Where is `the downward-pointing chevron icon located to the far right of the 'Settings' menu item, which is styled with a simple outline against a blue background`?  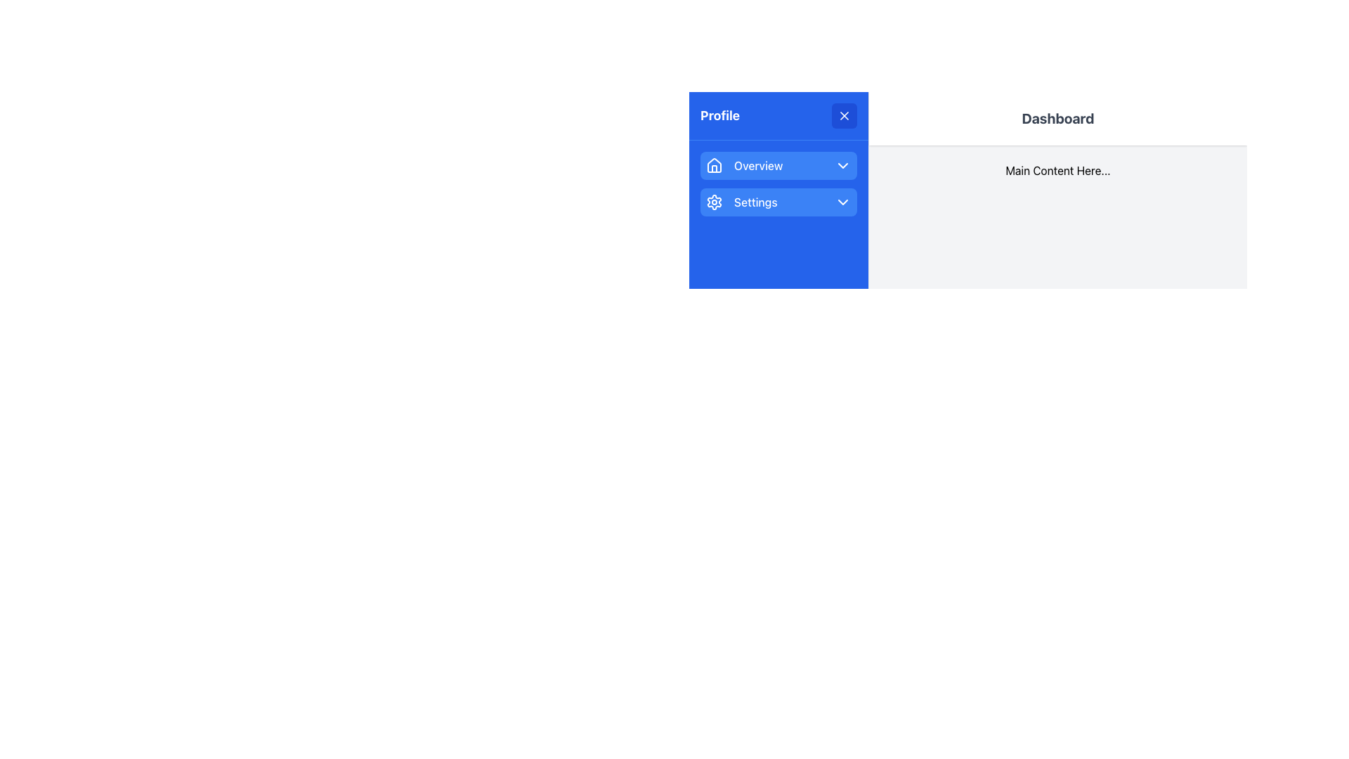 the downward-pointing chevron icon located to the far right of the 'Settings' menu item, which is styled with a simple outline against a blue background is located at coordinates (843, 202).